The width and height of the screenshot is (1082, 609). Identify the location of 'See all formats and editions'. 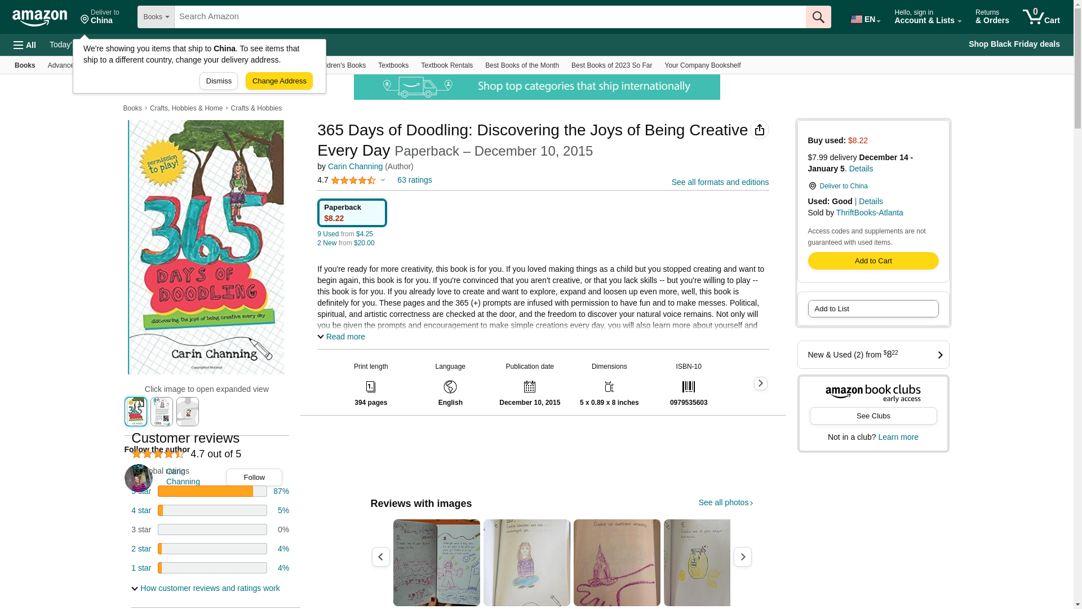
(720, 182).